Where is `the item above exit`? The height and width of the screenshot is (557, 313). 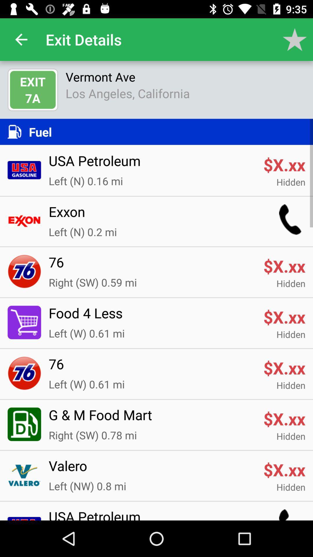 the item above exit is located at coordinates (21, 39).